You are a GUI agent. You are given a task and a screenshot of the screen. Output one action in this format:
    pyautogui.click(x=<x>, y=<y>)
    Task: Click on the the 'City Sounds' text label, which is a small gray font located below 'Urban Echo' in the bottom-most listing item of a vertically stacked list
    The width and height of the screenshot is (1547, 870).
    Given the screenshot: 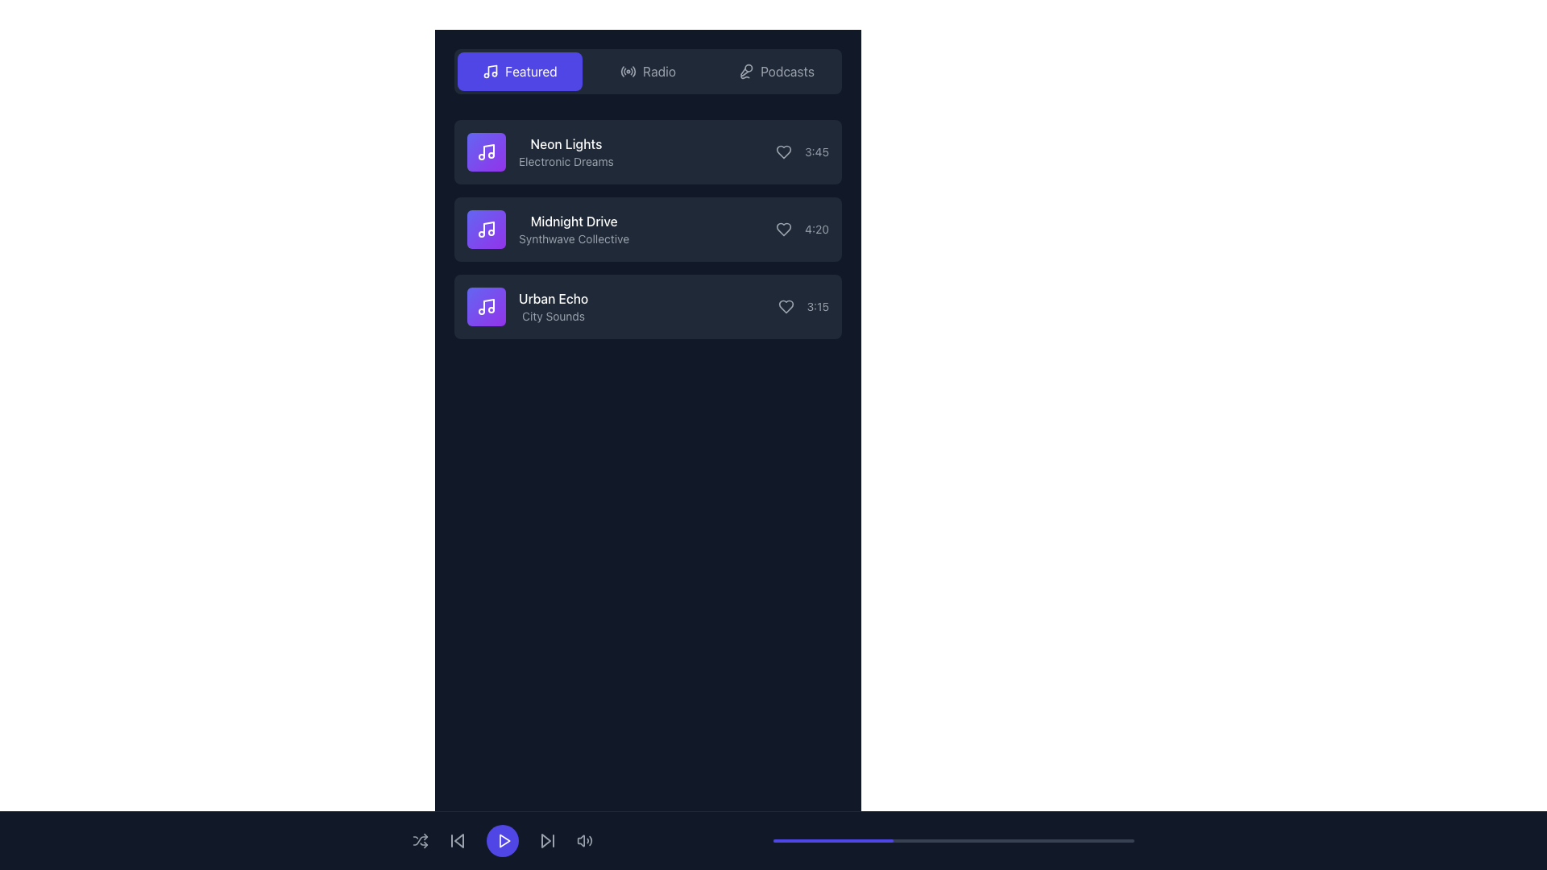 What is the action you would take?
    pyautogui.click(x=554, y=317)
    